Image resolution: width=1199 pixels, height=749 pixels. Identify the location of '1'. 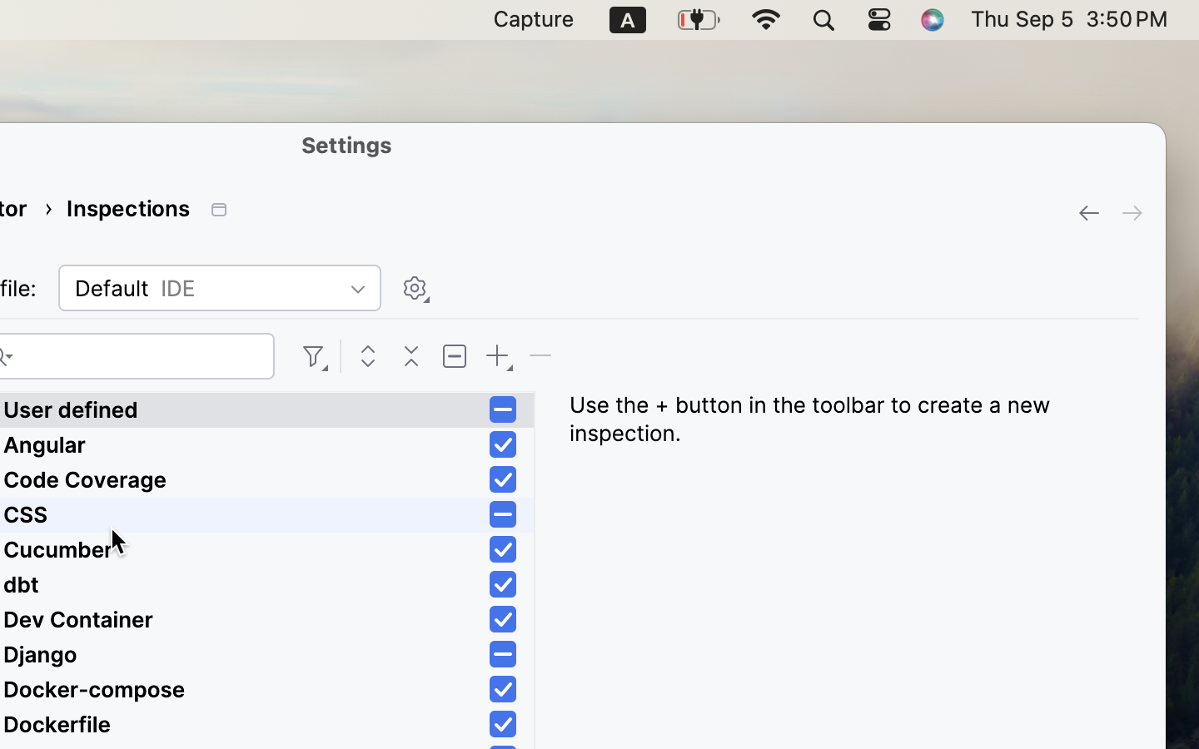
(501, 444).